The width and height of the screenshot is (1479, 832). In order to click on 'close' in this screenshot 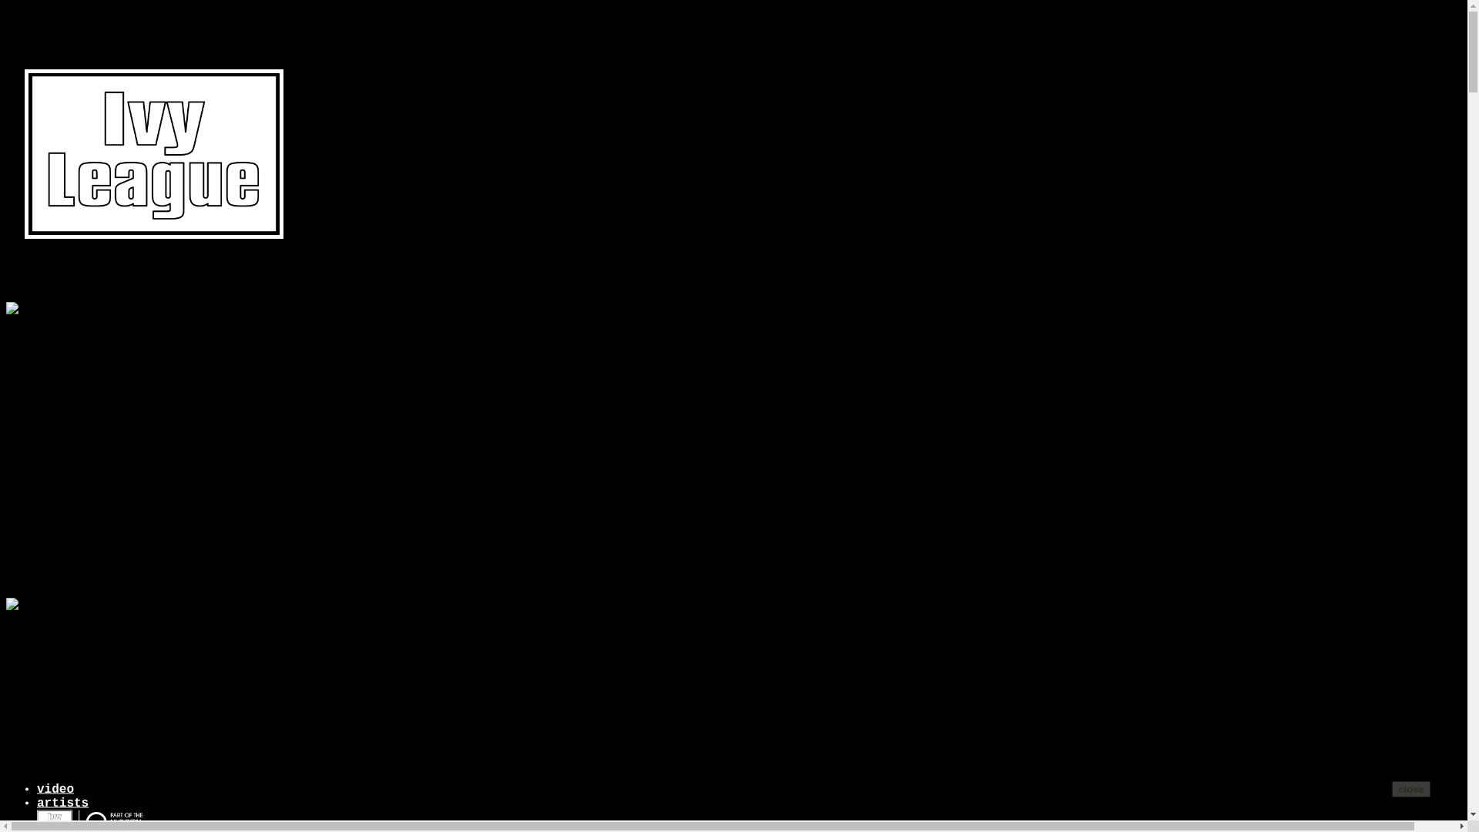, I will do `click(1391, 789)`.